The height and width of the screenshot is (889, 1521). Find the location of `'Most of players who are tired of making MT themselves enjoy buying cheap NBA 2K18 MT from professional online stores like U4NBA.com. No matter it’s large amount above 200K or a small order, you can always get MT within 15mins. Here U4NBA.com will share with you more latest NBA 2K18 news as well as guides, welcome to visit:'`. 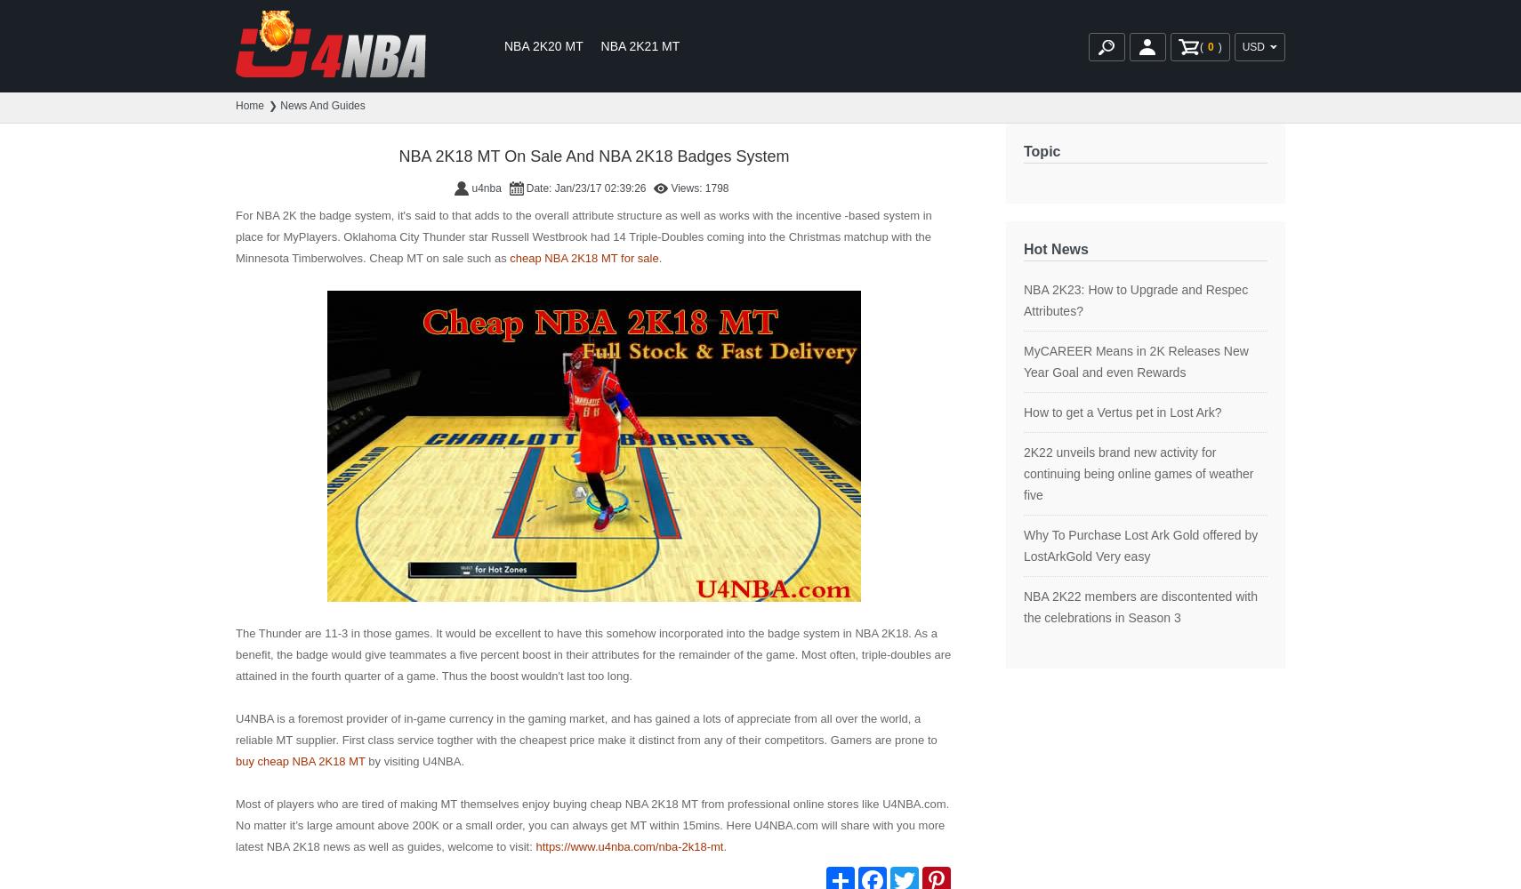

'Most of players who are tired of making MT themselves enjoy buying cheap NBA 2K18 MT from professional online stores like U4NBA.com. No matter it’s large amount above 200K or a small order, you can always get MT within 15mins. Here U4NBA.com will share with you more latest NBA 2K18 news as well as guides, welcome to visit:' is located at coordinates (592, 825).